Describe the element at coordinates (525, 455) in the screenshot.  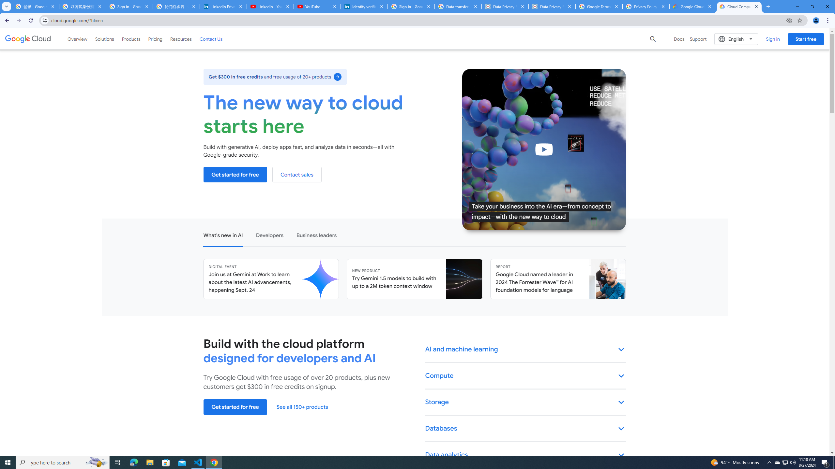
I see `'Data analytics keyboard_arrow_down'` at that location.